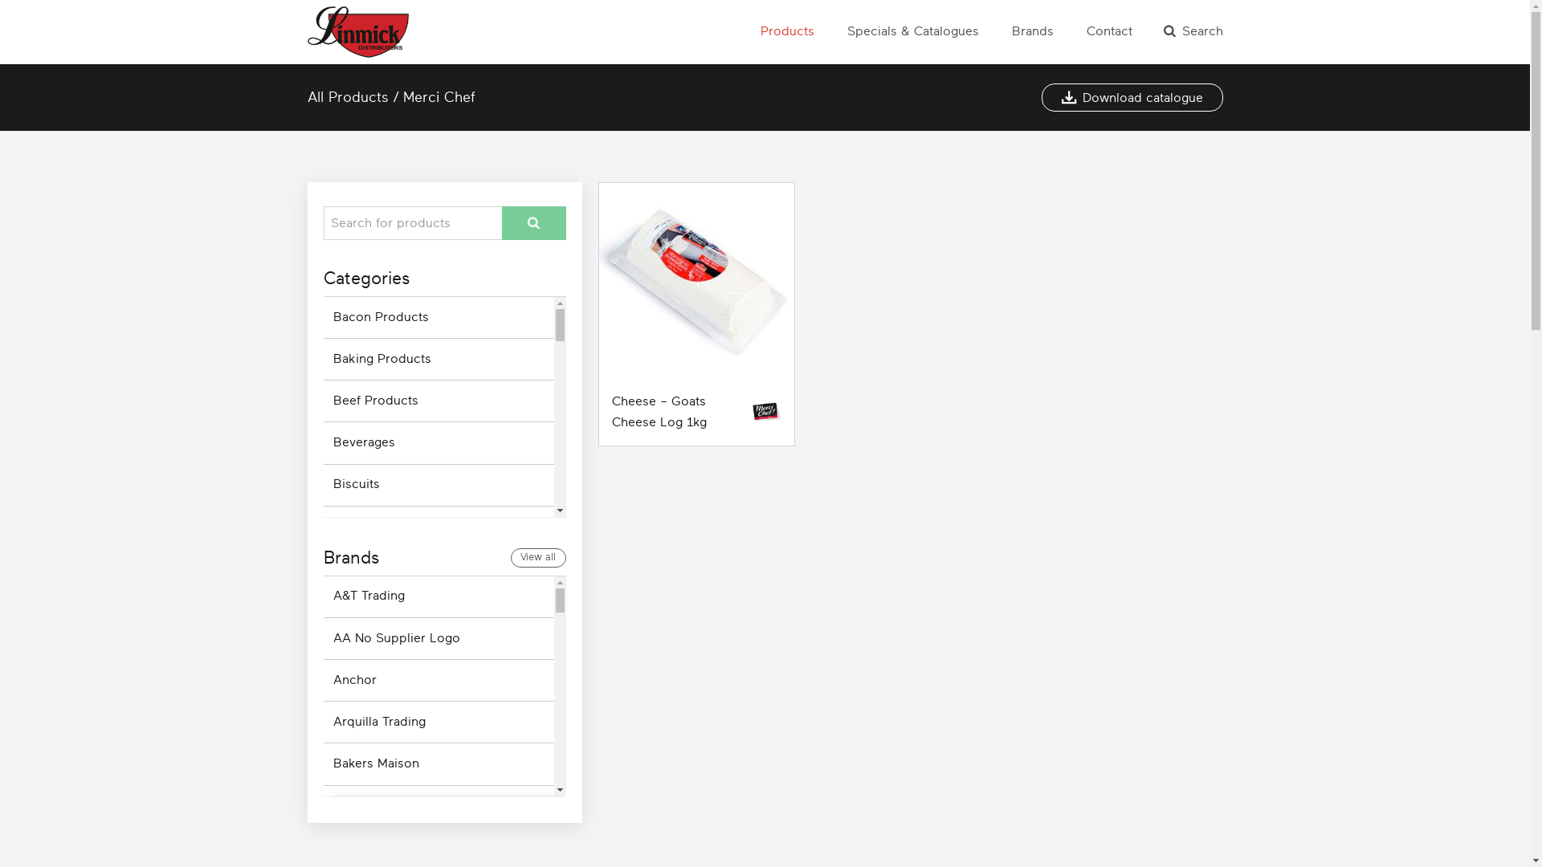  Describe the element at coordinates (403, 96) in the screenshot. I see `'Merci Chef'` at that location.